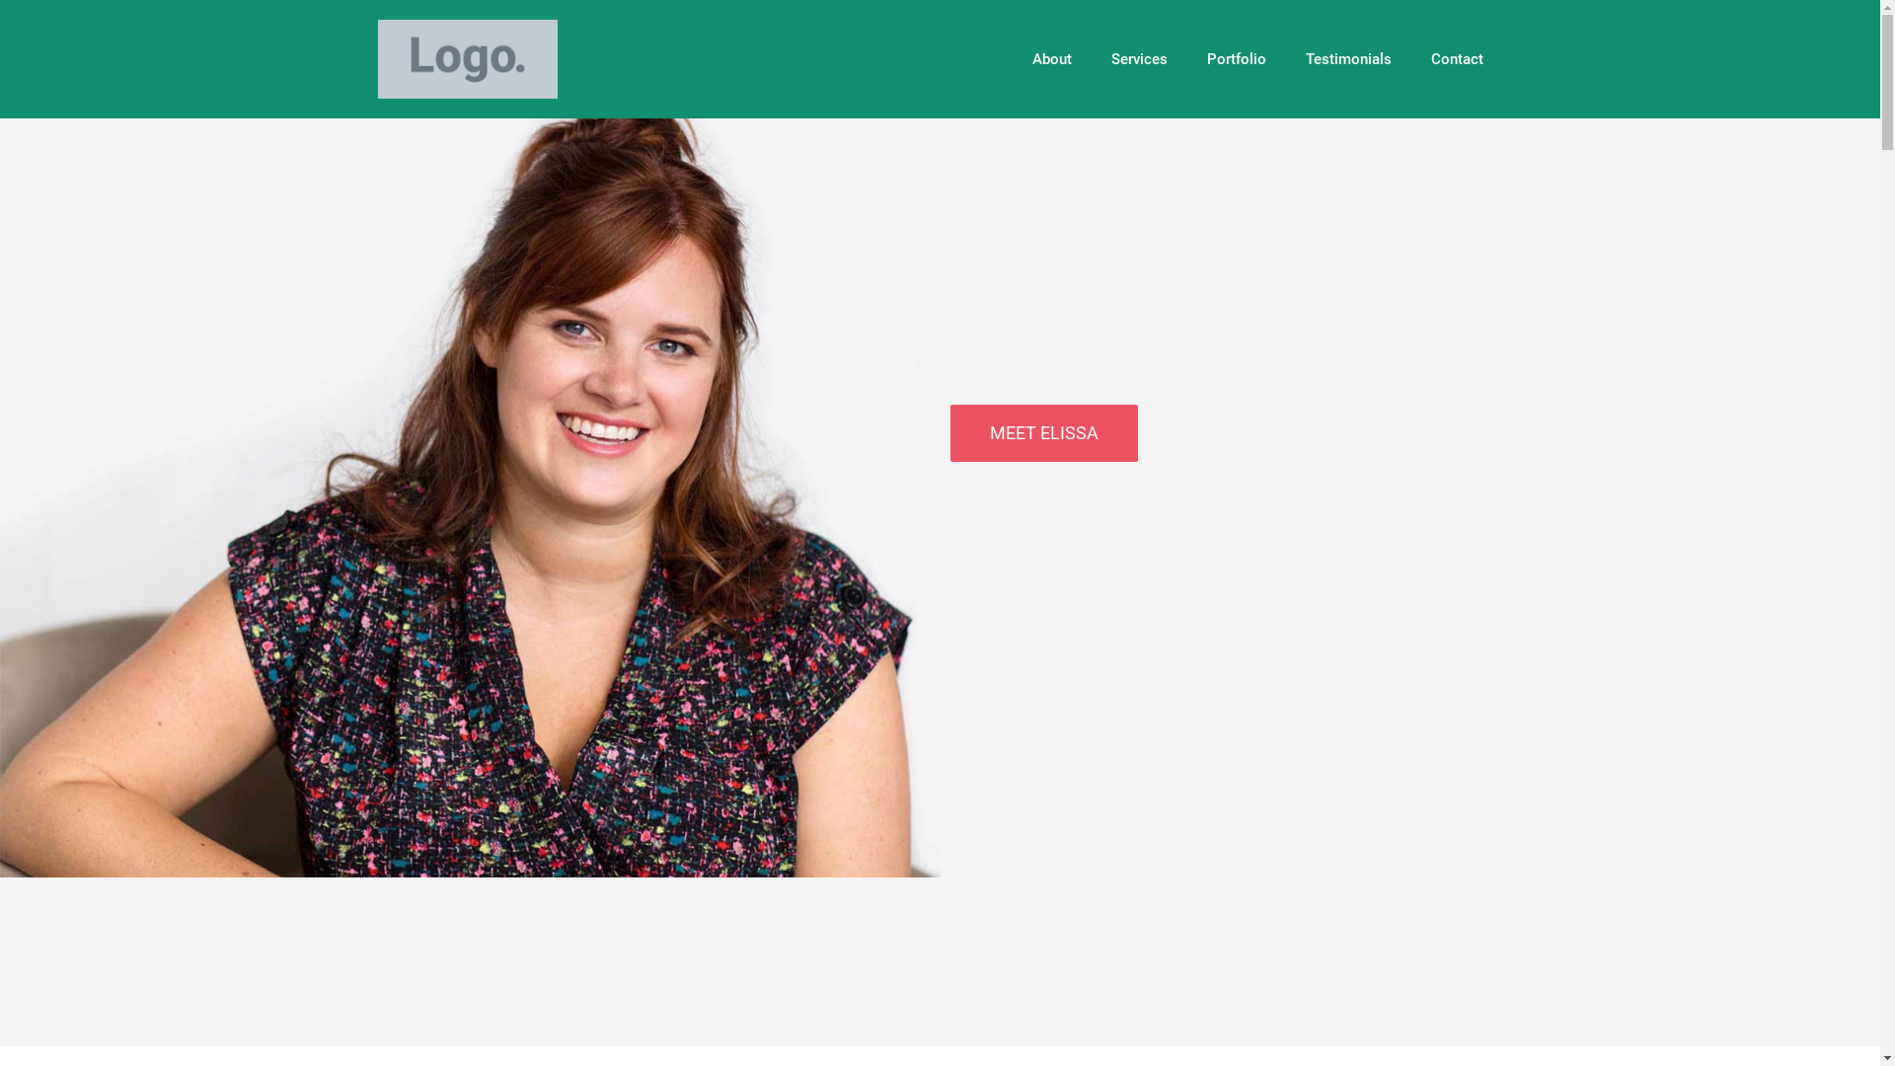  What do you see at coordinates (1139, 58) in the screenshot?
I see `'Services'` at bounding box center [1139, 58].